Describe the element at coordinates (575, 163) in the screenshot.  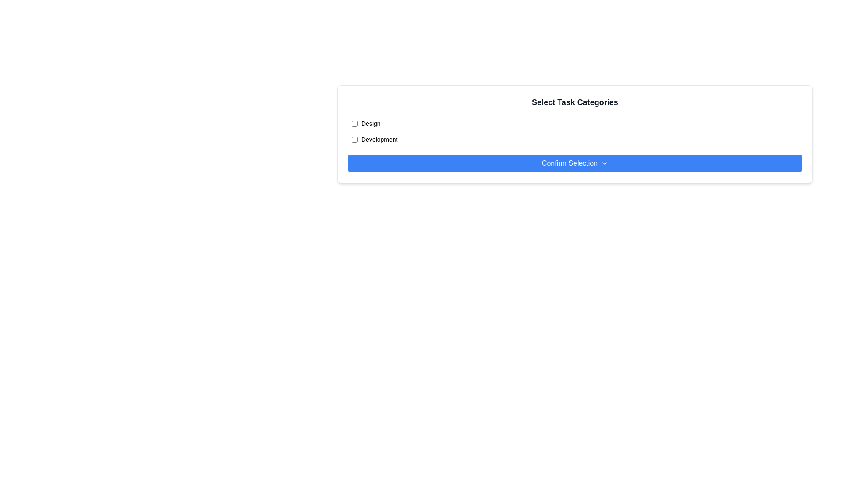
I see `the 'Confirm Selection' button with a blue background and white text` at that location.